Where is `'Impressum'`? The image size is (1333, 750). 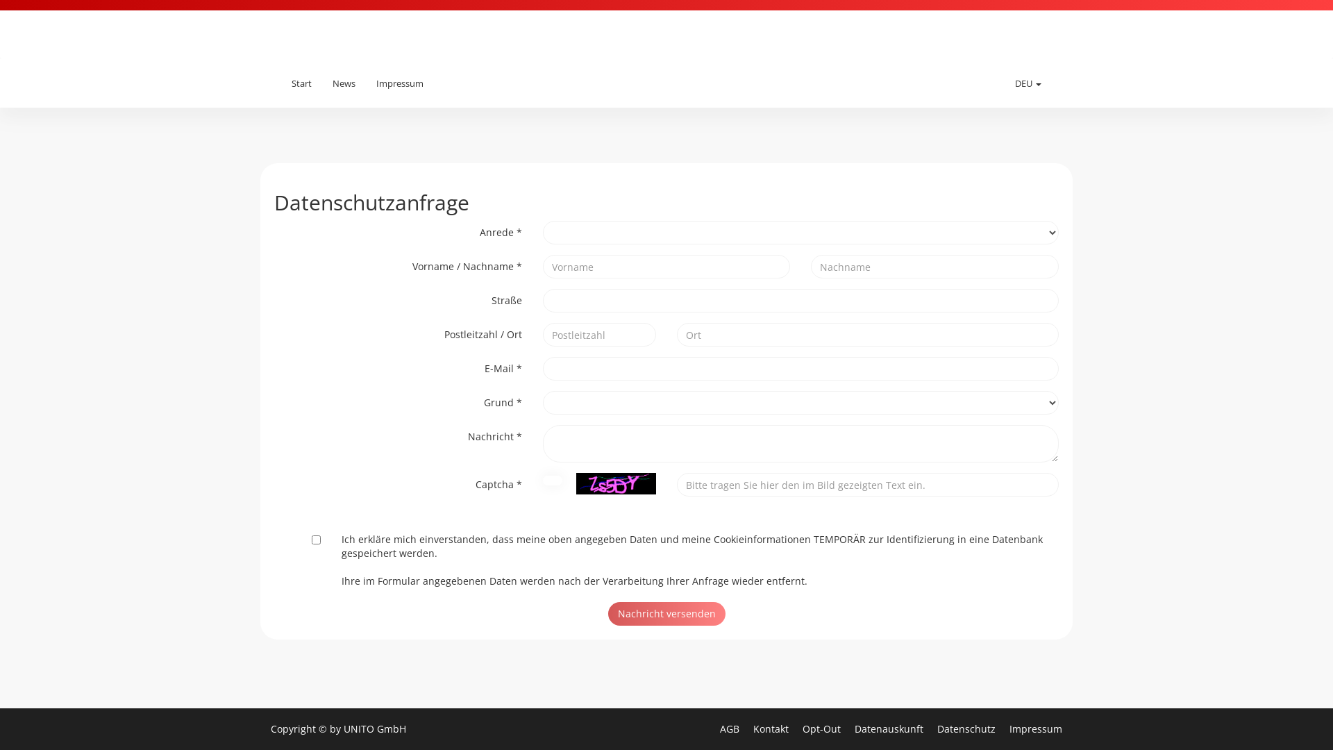
'Impressum' is located at coordinates (399, 83).